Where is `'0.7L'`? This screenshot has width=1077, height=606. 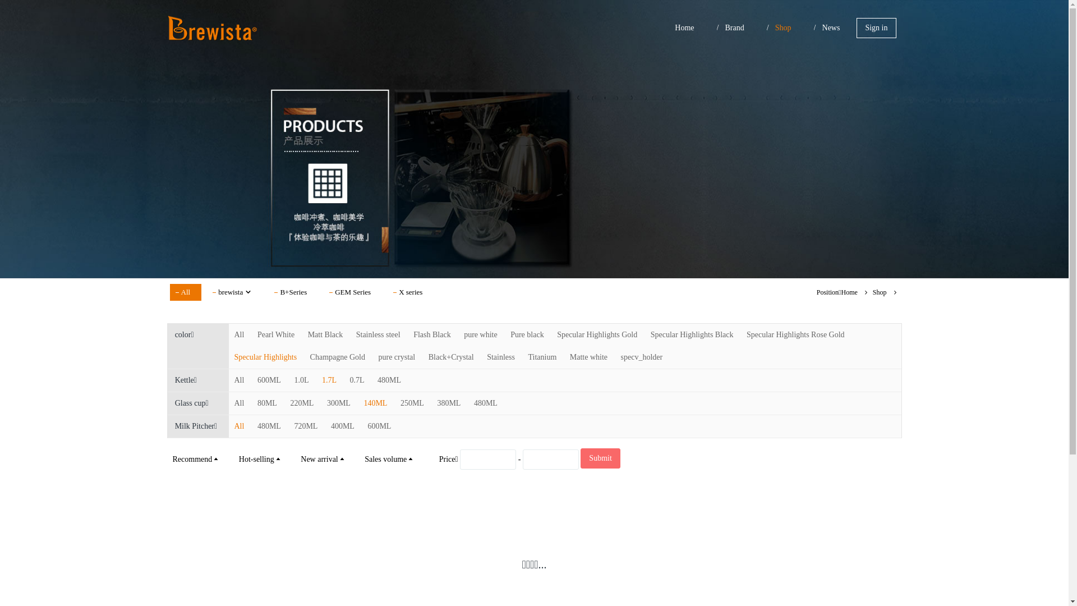
'0.7L' is located at coordinates (357, 379).